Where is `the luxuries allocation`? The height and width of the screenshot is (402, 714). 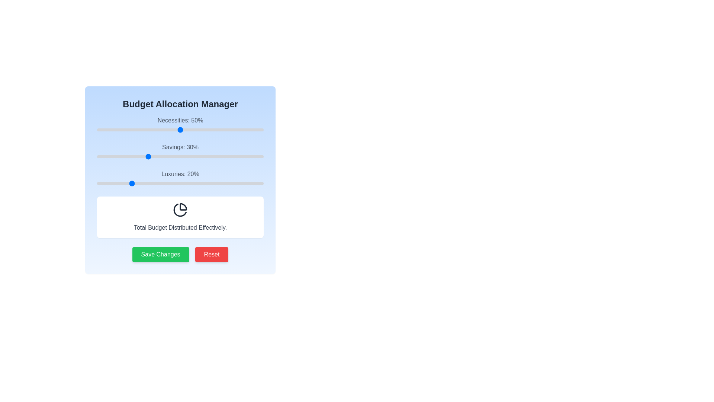 the luxuries allocation is located at coordinates (257, 184).